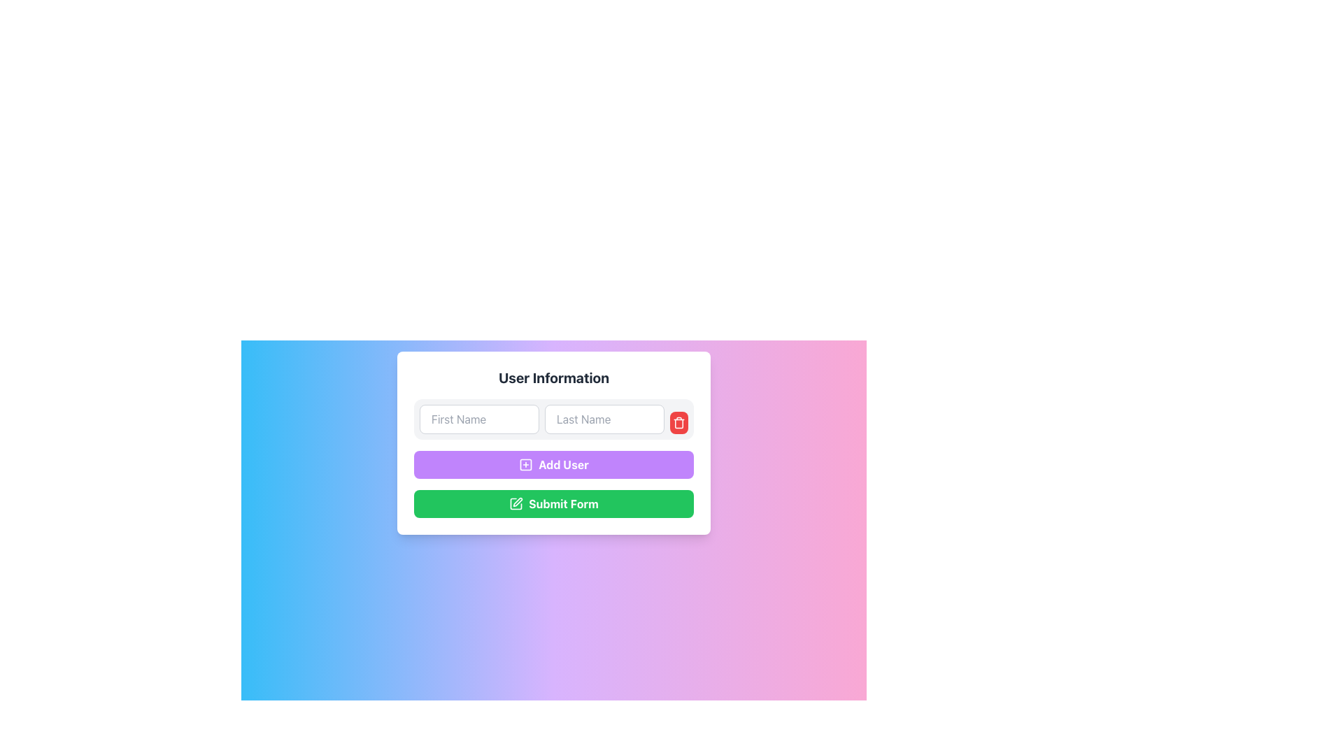 The height and width of the screenshot is (755, 1343). Describe the element at coordinates (479, 419) in the screenshot. I see `the text input field labeled 'First Name' to focus on it for user input` at that location.